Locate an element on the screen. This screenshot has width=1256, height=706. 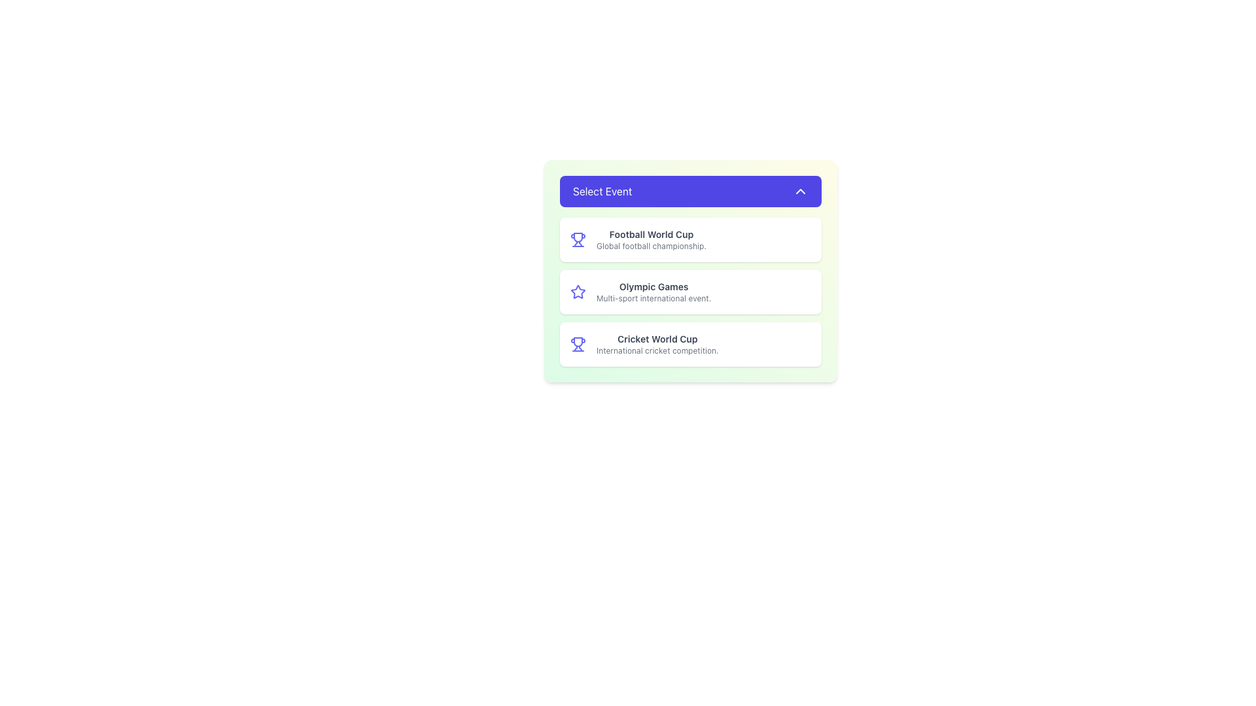
to select the second item in the list, which features a blue star icon and the title 'Olympic Games' is located at coordinates (690, 292).